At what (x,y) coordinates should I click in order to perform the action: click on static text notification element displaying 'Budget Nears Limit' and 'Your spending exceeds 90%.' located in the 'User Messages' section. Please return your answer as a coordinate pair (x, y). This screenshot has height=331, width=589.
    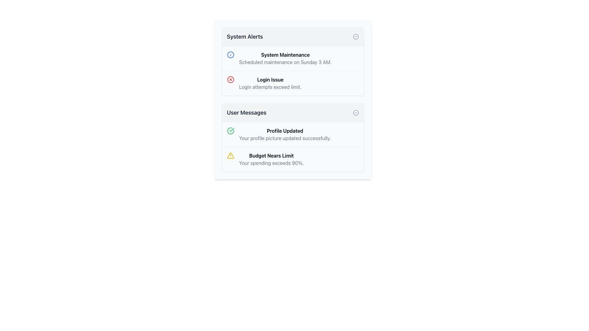
    Looking at the image, I should click on (271, 159).